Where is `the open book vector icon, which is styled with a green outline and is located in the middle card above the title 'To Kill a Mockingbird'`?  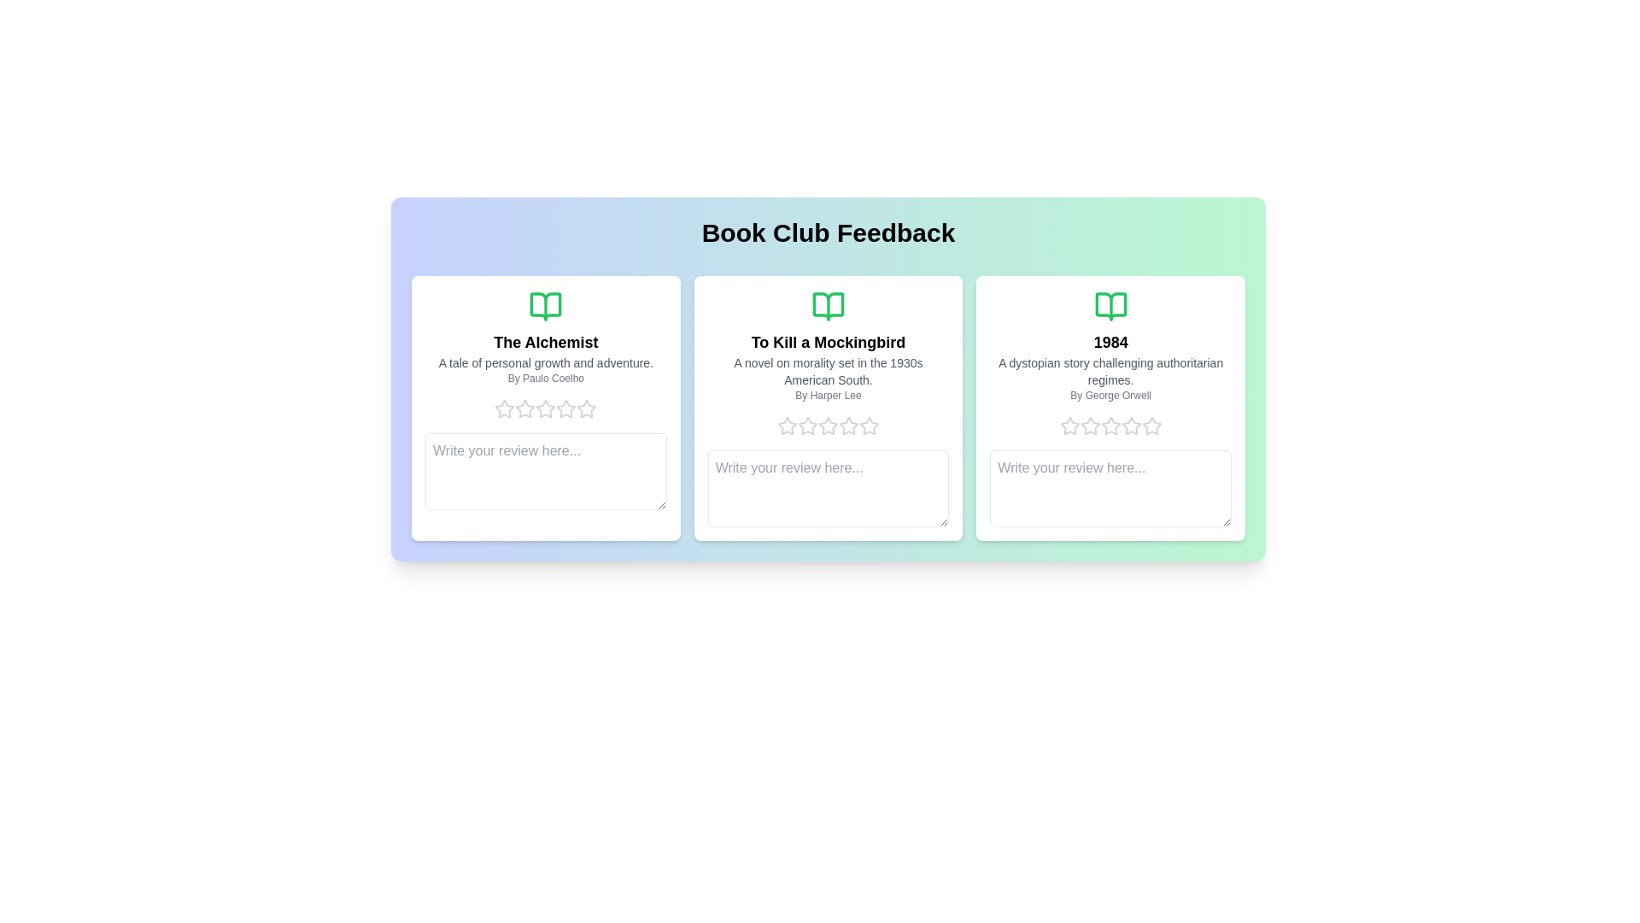 the open book vector icon, which is styled with a green outline and is located in the middle card above the title 'To Kill a Mockingbird' is located at coordinates (828, 305).